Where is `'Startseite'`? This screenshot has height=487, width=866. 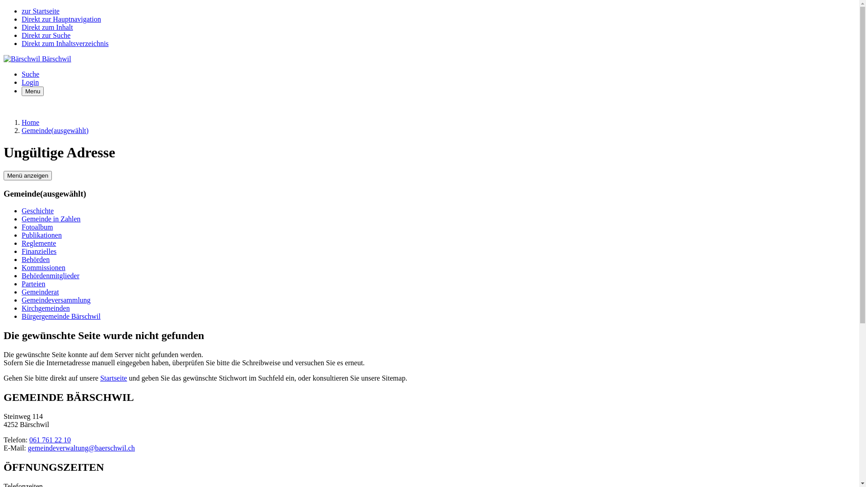 'Startseite' is located at coordinates (113, 378).